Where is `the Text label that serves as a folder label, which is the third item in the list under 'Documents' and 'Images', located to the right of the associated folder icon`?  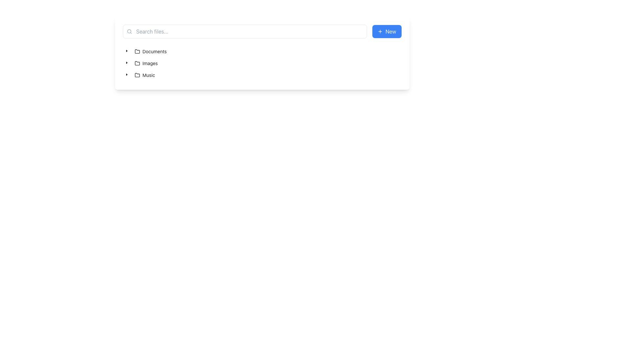
the Text label that serves as a folder label, which is the third item in the list under 'Documents' and 'Images', located to the right of the associated folder icon is located at coordinates (148, 75).